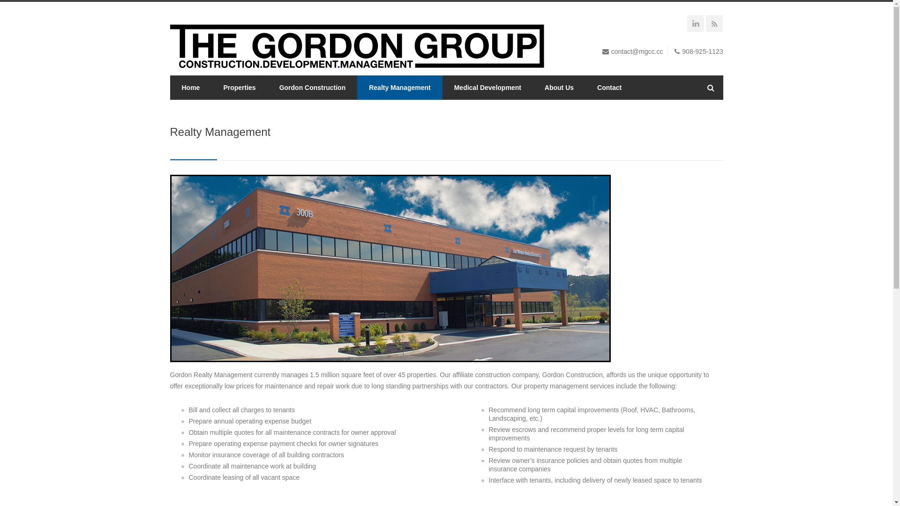 Image resolution: width=900 pixels, height=506 pixels. What do you see at coordinates (399, 87) in the screenshot?
I see `'Realty Management'` at bounding box center [399, 87].